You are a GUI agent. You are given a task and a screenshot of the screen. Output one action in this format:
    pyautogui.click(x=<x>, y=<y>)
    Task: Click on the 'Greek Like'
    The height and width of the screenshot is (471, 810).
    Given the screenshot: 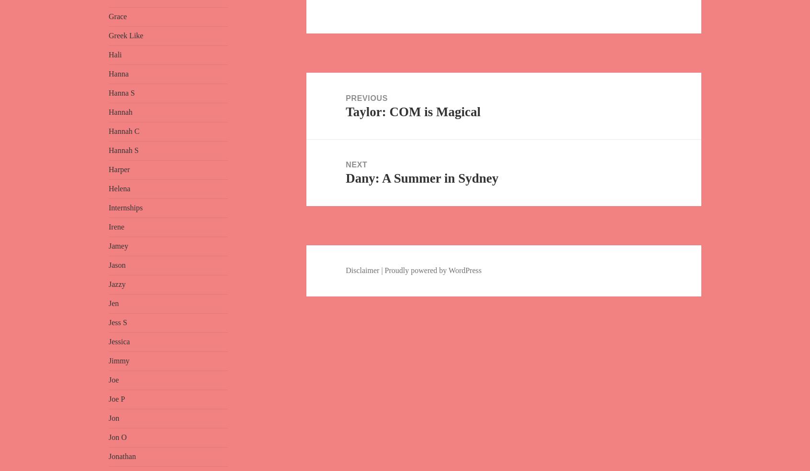 What is the action you would take?
    pyautogui.click(x=125, y=35)
    